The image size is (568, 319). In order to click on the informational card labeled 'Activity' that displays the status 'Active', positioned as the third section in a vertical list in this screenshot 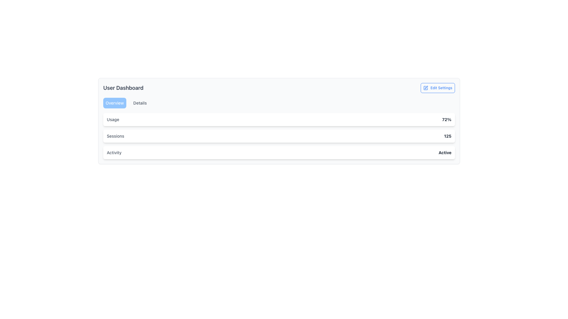, I will do `click(279, 152)`.